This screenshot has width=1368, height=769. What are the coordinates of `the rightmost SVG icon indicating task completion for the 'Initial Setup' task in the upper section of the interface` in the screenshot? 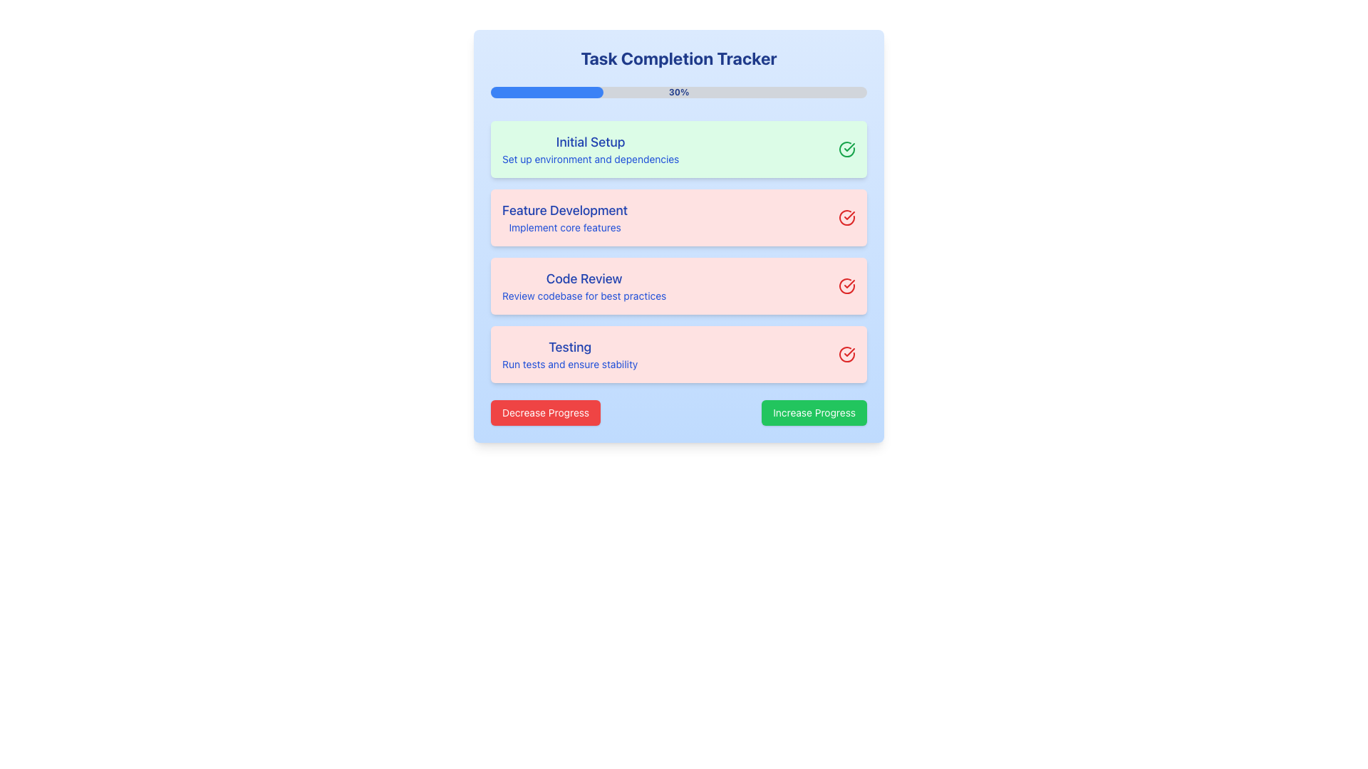 It's located at (847, 149).